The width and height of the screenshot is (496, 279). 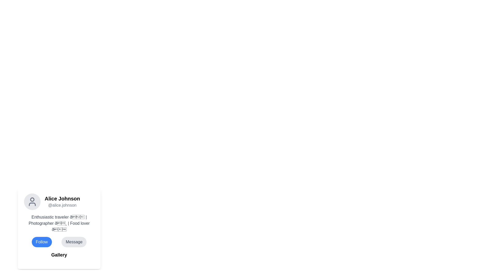 What do you see at coordinates (59, 255) in the screenshot?
I see `the 'Gallery' text label, which is styled in bold black font and positioned below the 'Follow' and 'Message' buttons in the user's profile section` at bounding box center [59, 255].